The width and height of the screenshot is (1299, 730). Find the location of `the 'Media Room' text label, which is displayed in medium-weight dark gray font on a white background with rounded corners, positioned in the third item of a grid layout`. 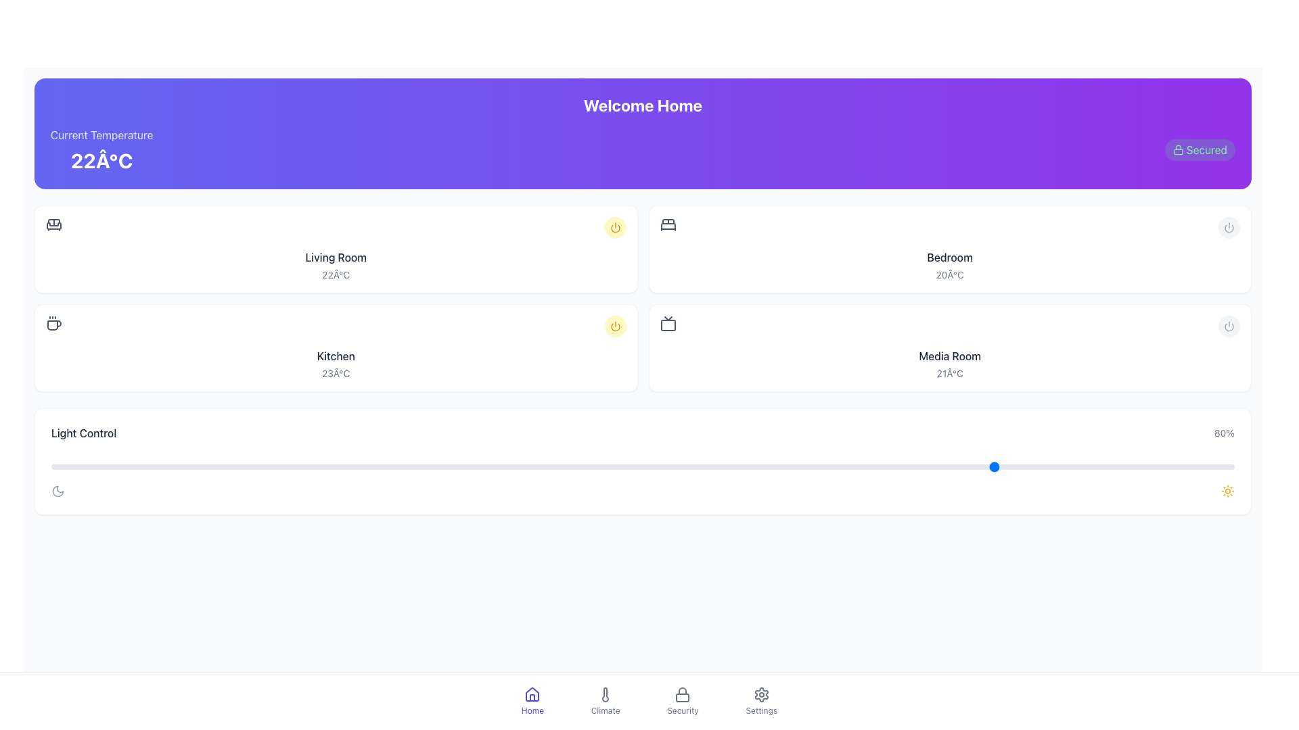

the 'Media Room' text label, which is displayed in medium-weight dark gray font on a white background with rounded corners, positioned in the third item of a grid layout is located at coordinates (949, 356).